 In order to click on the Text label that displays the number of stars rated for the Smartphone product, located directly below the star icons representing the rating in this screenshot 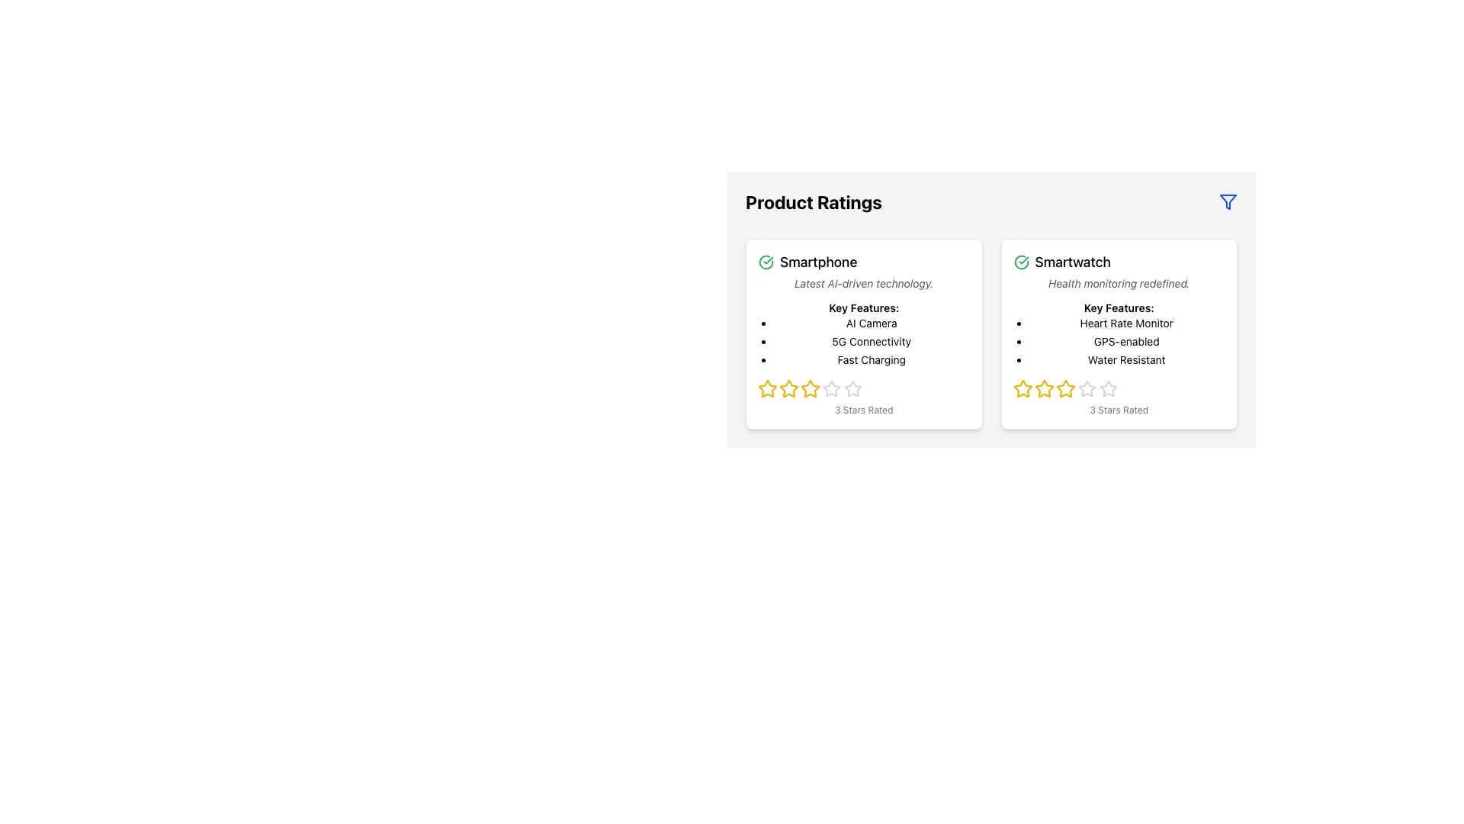, I will do `click(864, 409)`.